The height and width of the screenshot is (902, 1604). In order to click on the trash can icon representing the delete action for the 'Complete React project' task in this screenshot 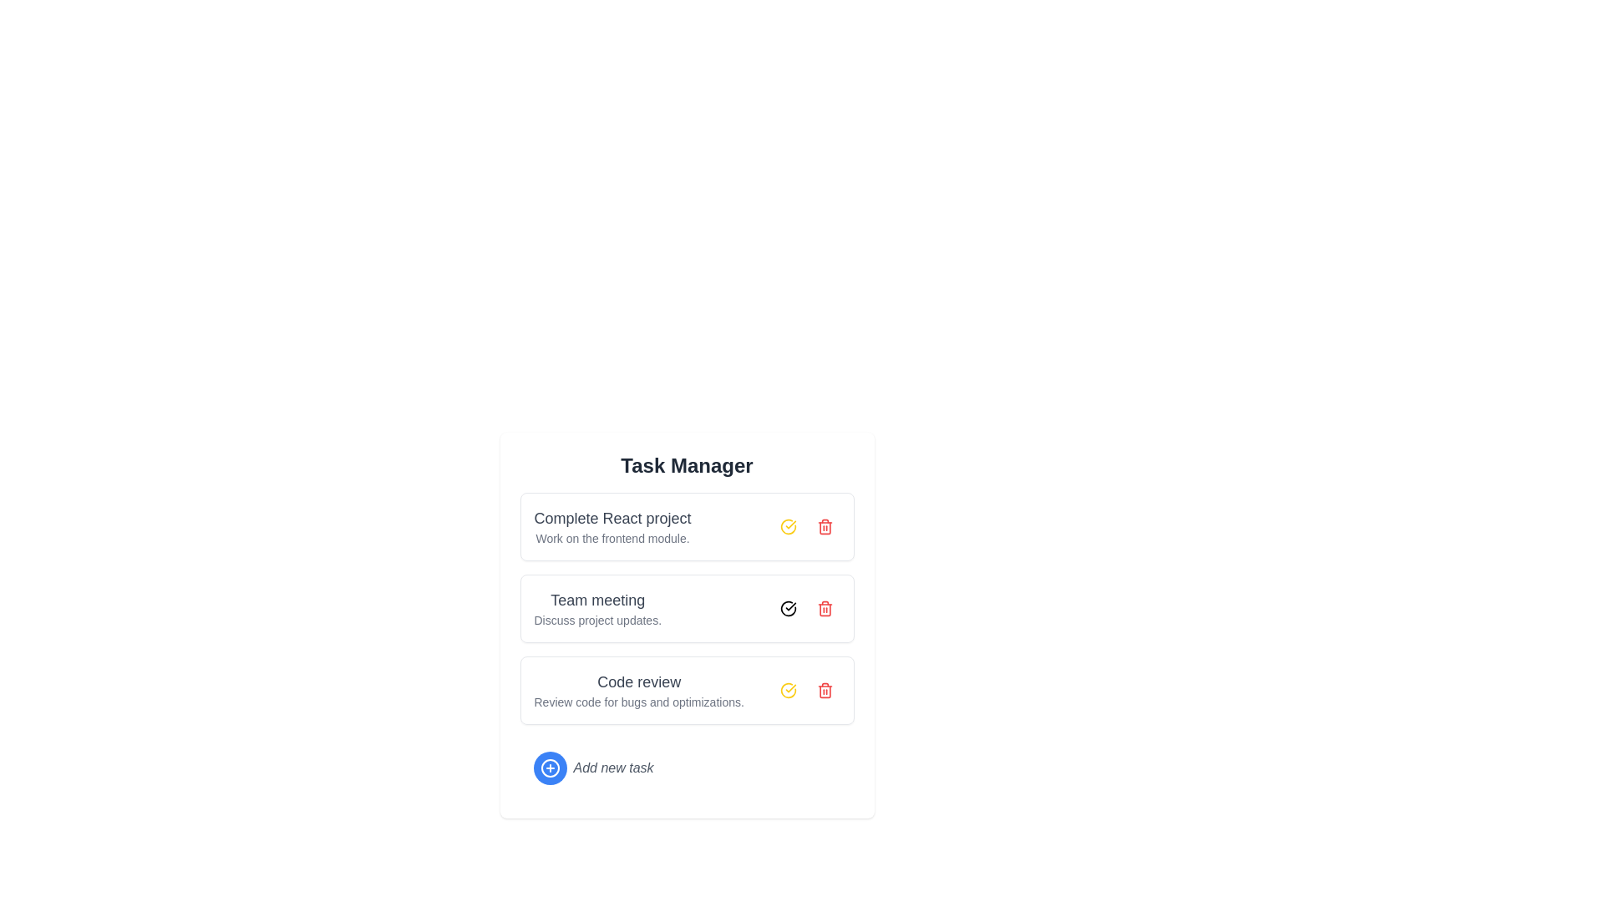, I will do `click(825, 528)`.